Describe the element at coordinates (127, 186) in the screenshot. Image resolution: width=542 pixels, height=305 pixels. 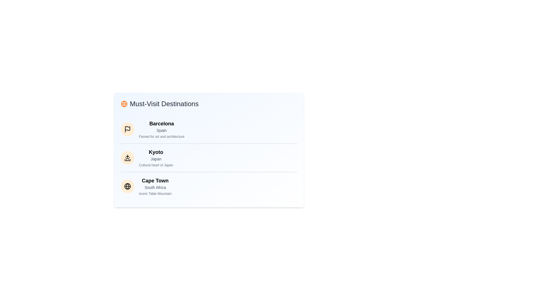
I see `the icon next to the destination Cape Town` at that location.